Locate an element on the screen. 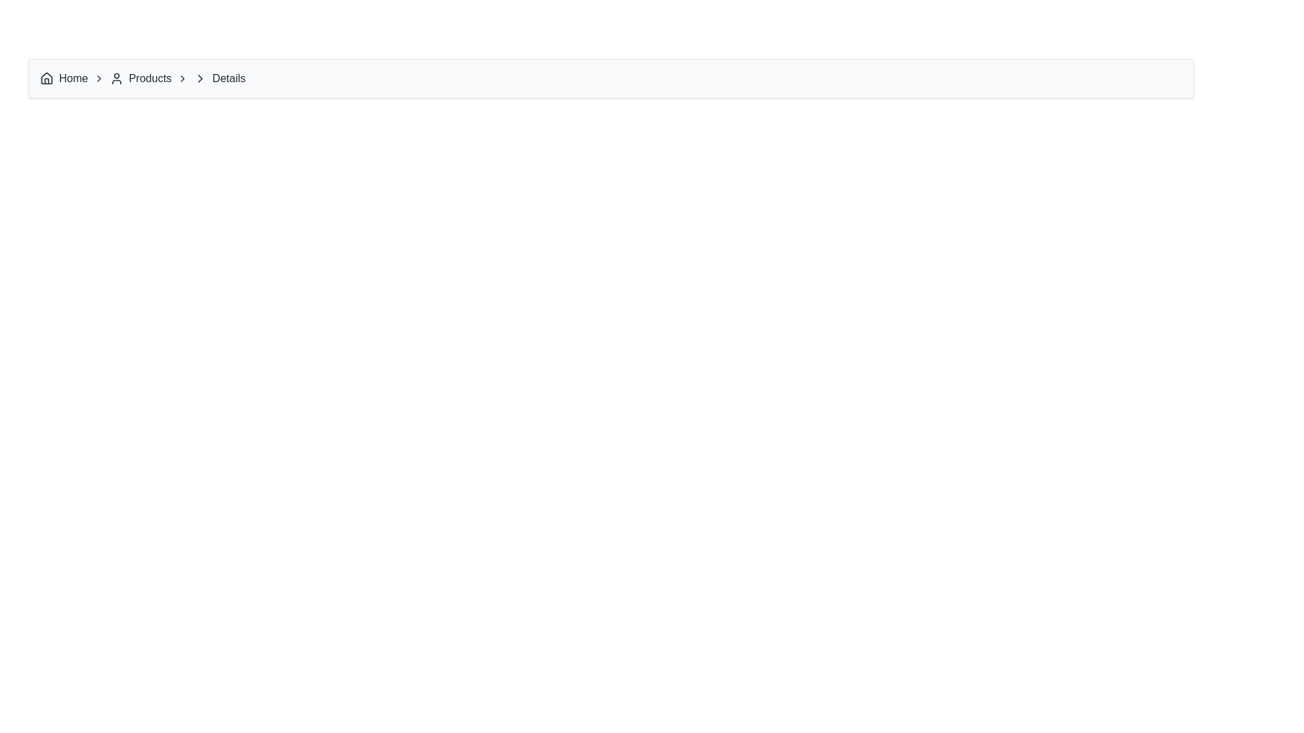  the 'Products' text label in the breadcrumb navigation bar, which indicates the current navigation section is located at coordinates (150, 78).